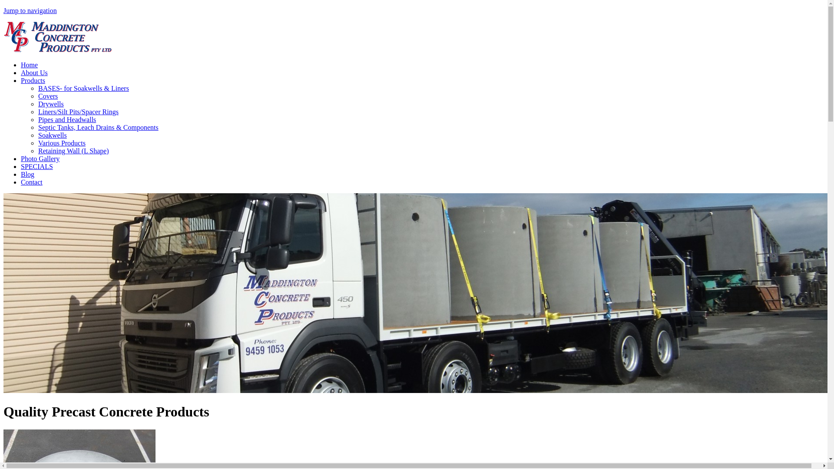  I want to click on 'Home', so click(57, 50).